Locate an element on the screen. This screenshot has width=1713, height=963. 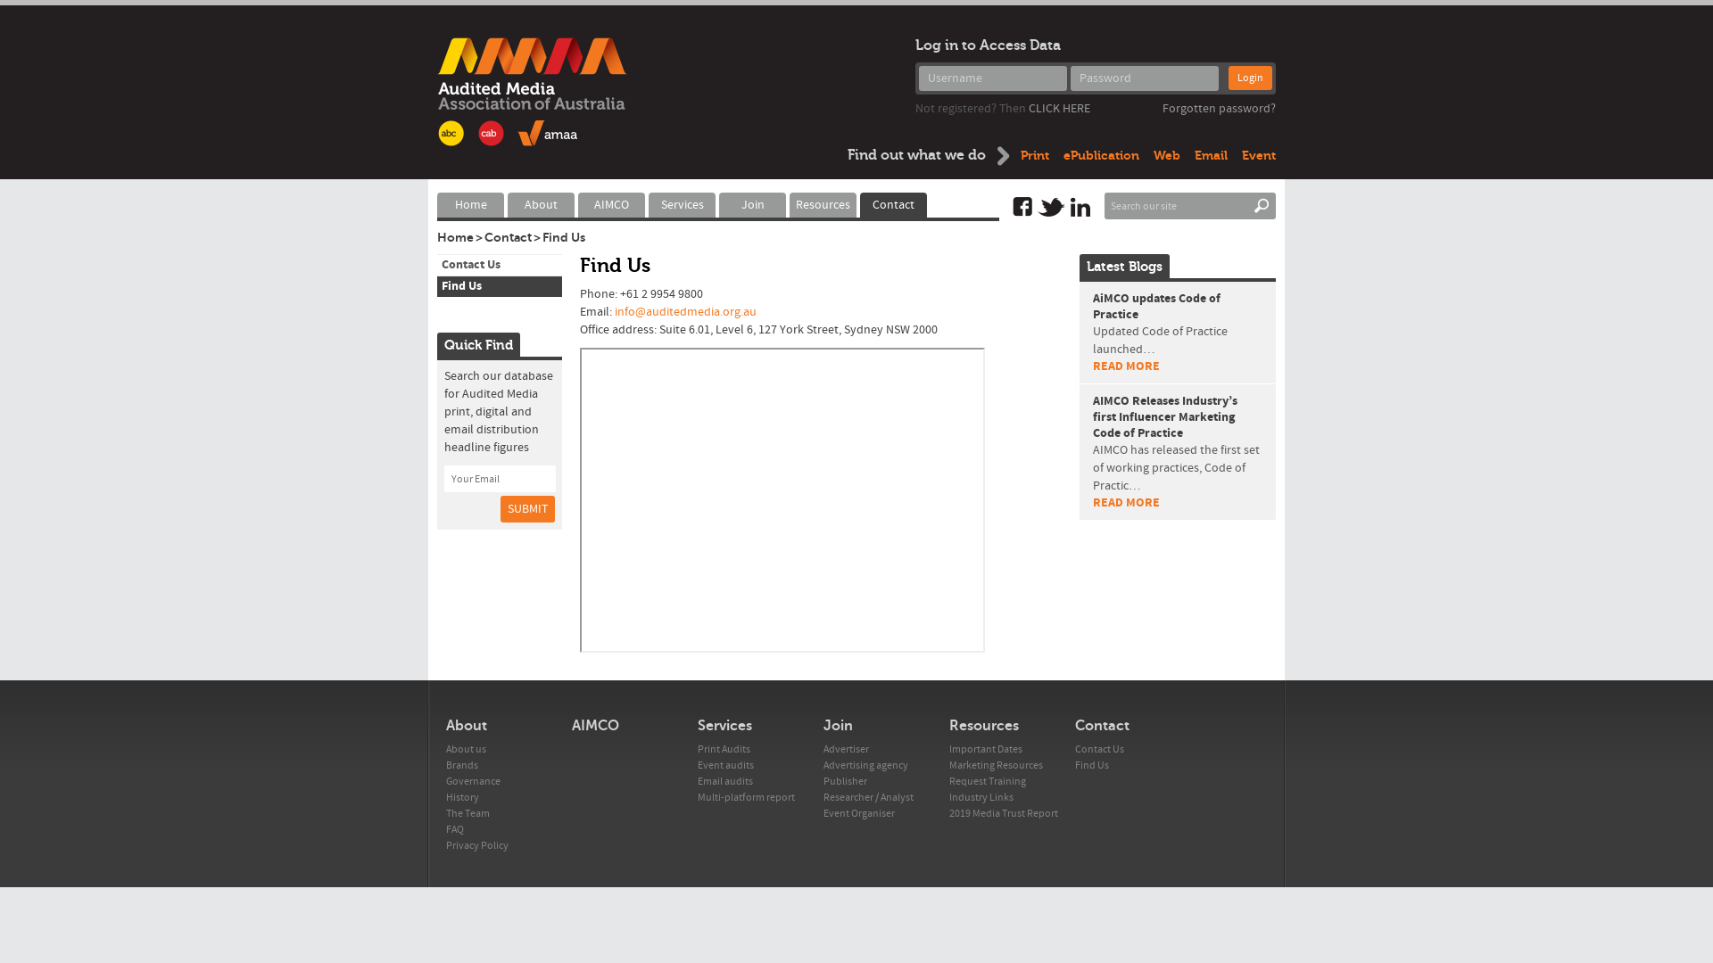
'READ MORE' is located at coordinates (1125, 366).